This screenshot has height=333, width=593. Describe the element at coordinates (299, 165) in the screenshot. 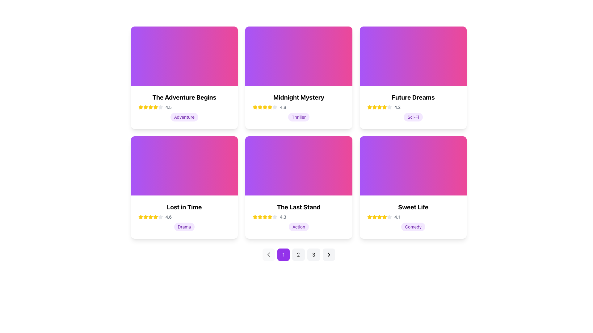

I see `the visually striking decorative gradient background transitioning from purple to pink, located in the upper section of the third card in the second row of the grid layout` at that location.